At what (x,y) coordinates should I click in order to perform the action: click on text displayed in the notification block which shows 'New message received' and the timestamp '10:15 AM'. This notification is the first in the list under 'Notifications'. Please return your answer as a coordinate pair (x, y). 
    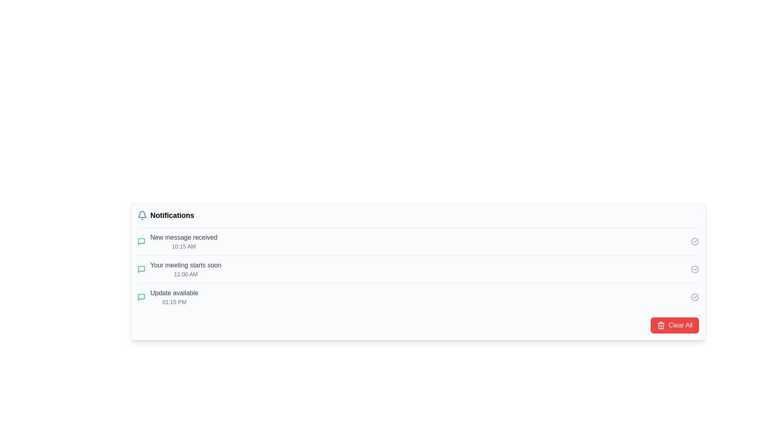
    Looking at the image, I should click on (183, 241).